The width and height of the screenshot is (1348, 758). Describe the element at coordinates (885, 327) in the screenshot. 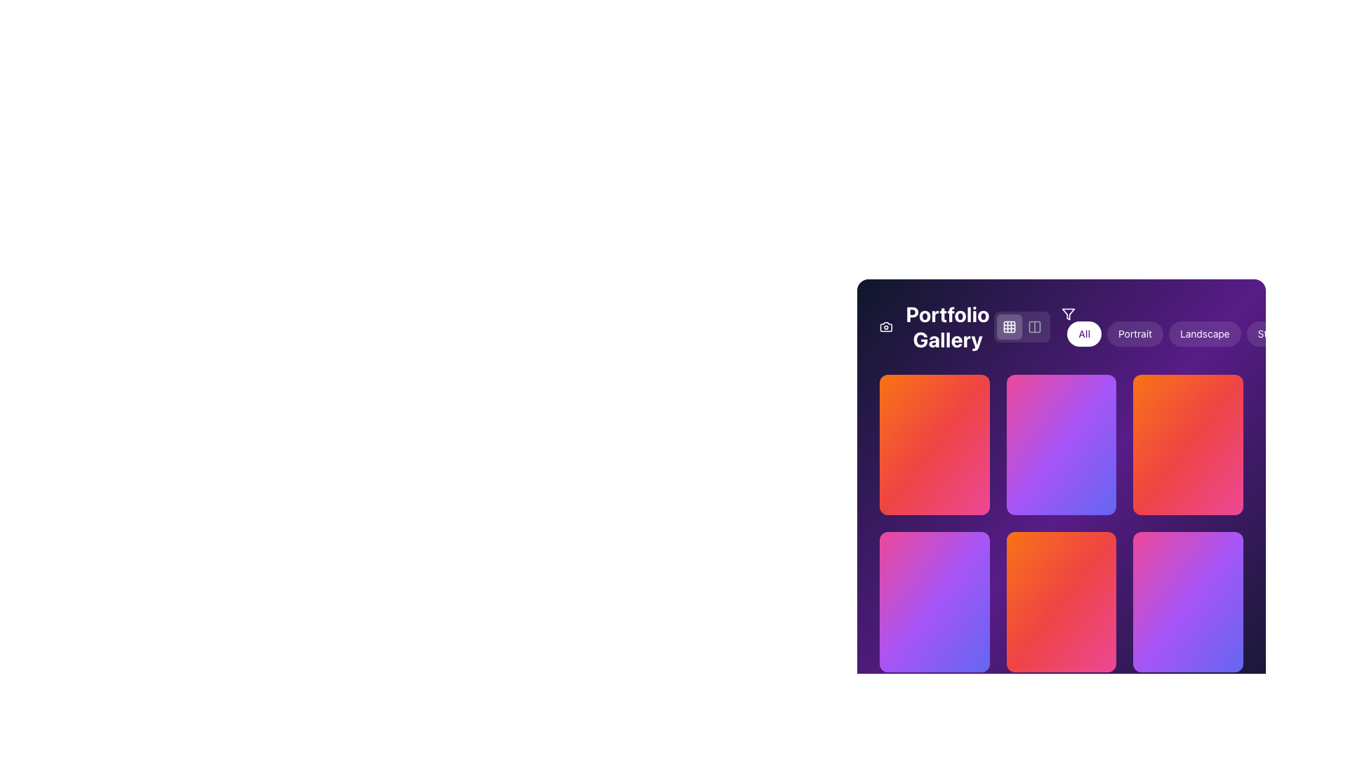

I see `the camera icon located in the top-left corner of the interface, which is styled with a simple outline design and is positioned to the left of the text 'Portfolio Gallery'` at that location.